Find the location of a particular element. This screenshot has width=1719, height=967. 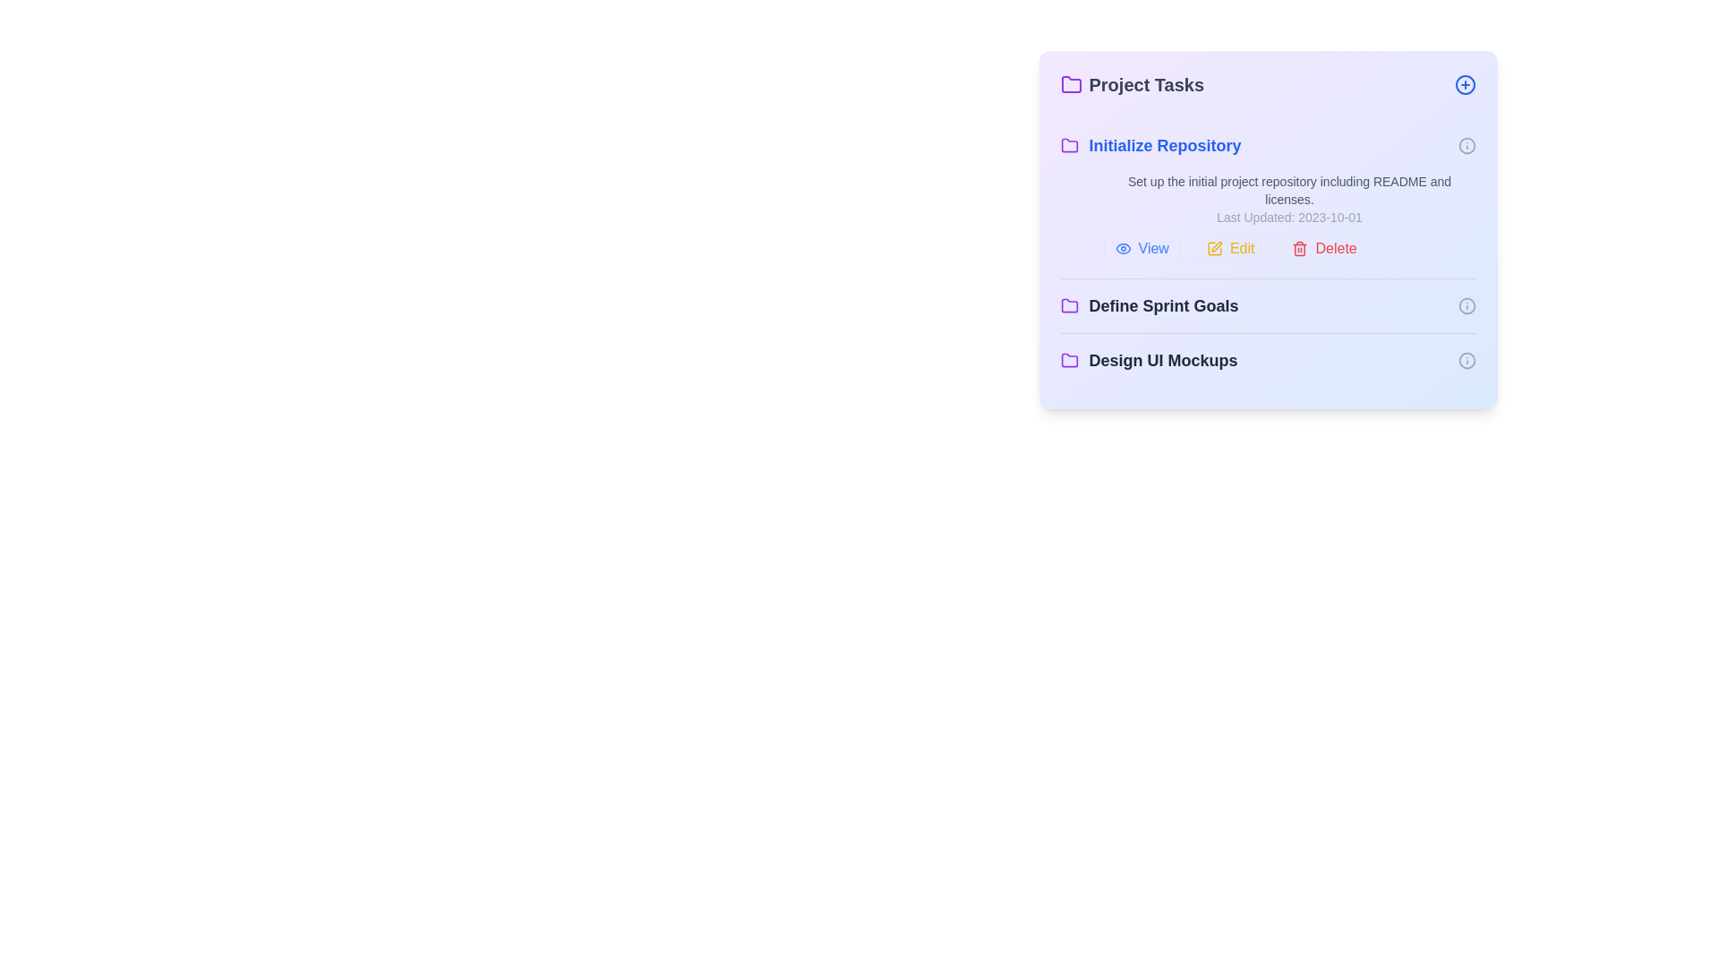

the folder icon located to the left of the text 'Define Sprint Goals' to visually interpret its content is located at coordinates (1069, 305).